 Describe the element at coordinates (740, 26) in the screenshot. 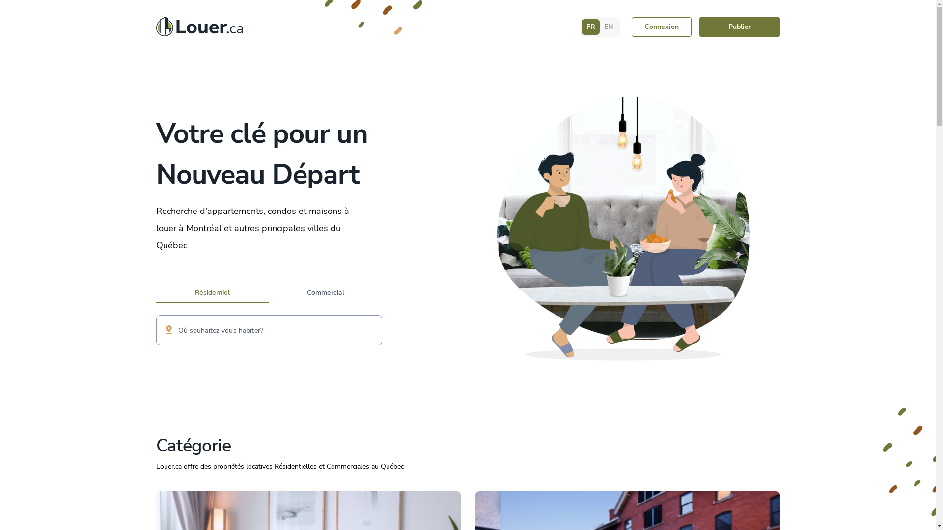

I see `'Publier'` at that location.